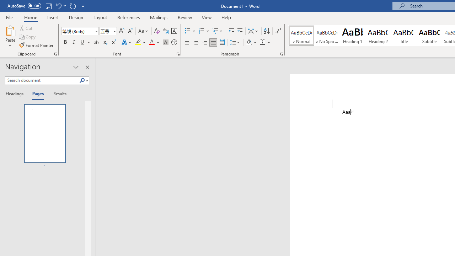  What do you see at coordinates (204, 31) in the screenshot?
I see `'Numbering'` at bounding box center [204, 31].